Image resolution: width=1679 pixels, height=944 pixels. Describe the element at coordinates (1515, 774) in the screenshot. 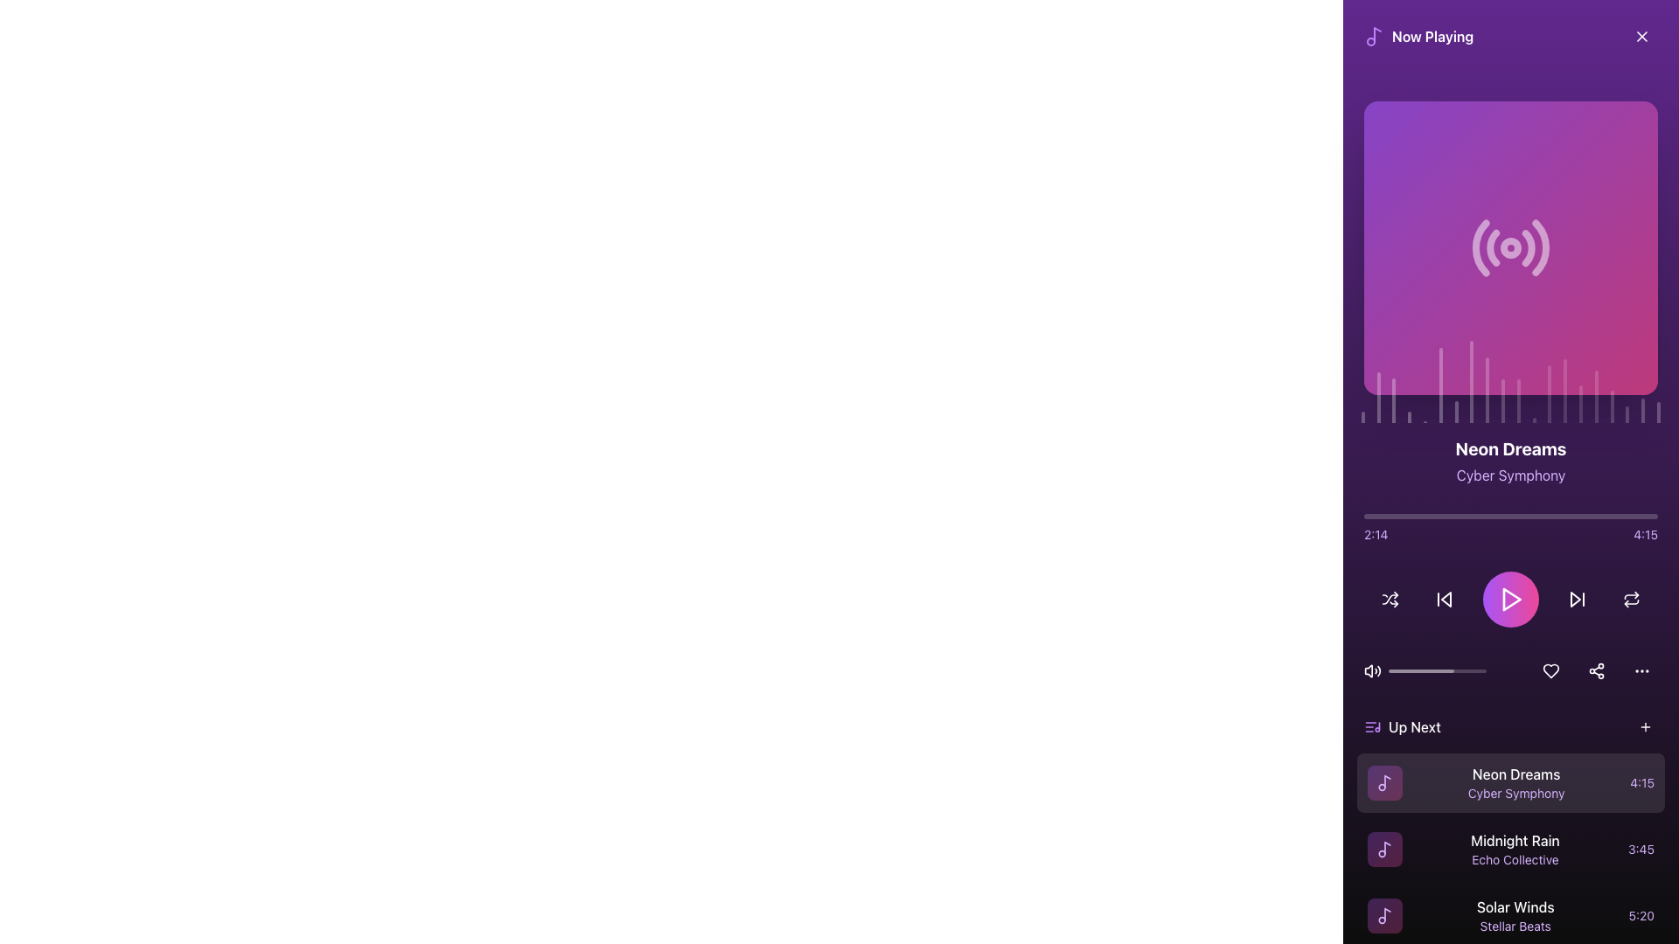

I see `the static text label reading 'Neon Dreams', which is the title of a track in the 'Up Next' list of the music player interface` at that location.